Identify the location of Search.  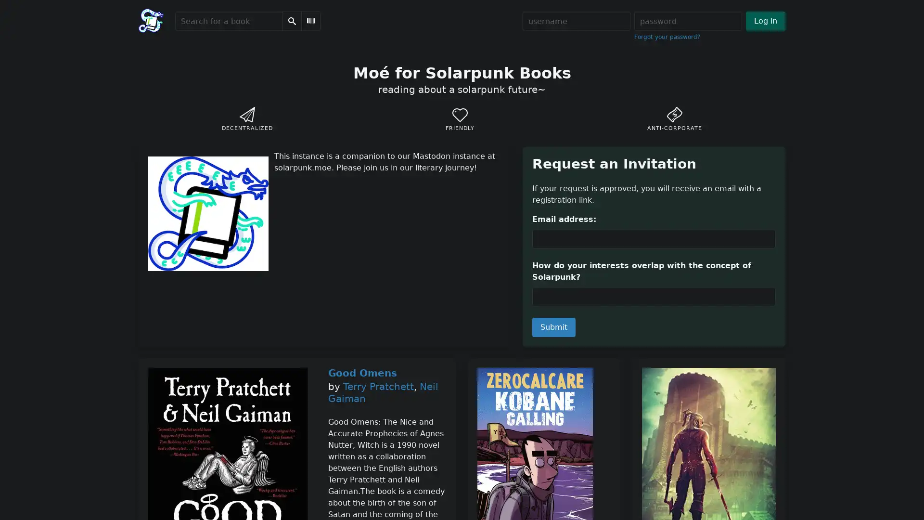
(291, 21).